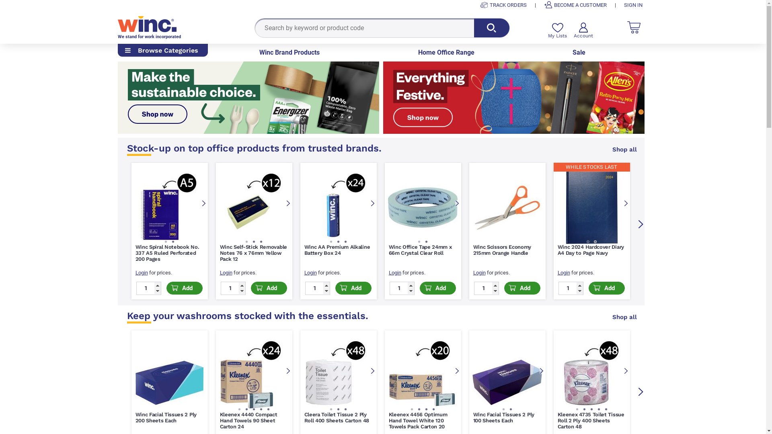  Describe the element at coordinates (590, 249) in the screenshot. I see `'Winc 2024 Hardcover Diary A4 Day to Page Navy'` at that location.